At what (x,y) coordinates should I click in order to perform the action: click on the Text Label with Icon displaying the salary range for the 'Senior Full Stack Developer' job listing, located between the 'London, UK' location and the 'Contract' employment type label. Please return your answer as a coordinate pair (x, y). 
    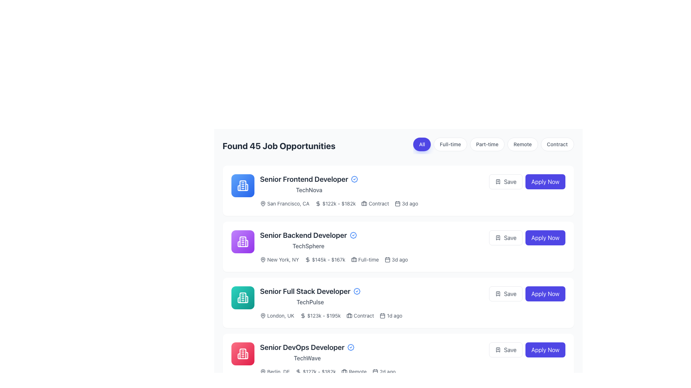
    Looking at the image, I should click on (320, 315).